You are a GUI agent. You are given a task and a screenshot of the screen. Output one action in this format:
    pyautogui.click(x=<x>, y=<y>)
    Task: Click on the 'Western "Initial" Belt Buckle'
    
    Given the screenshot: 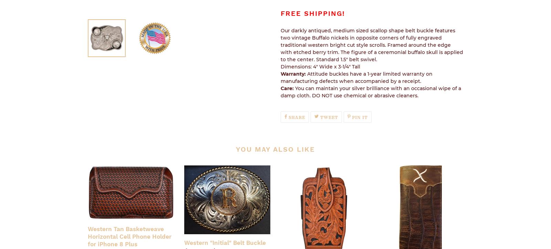 What is the action you would take?
    pyautogui.click(x=225, y=242)
    